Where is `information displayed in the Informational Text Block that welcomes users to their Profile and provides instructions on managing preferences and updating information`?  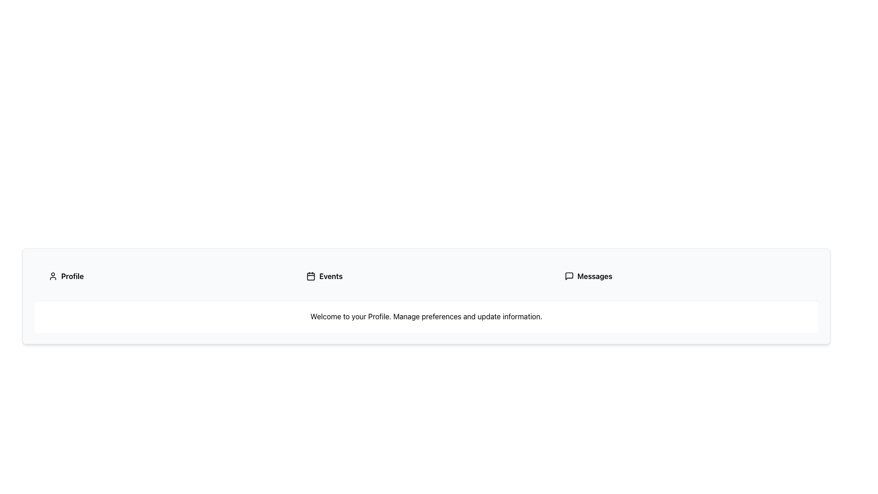 information displayed in the Informational Text Block that welcomes users to their Profile and provides instructions on managing preferences and updating information is located at coordinates (426, 316).